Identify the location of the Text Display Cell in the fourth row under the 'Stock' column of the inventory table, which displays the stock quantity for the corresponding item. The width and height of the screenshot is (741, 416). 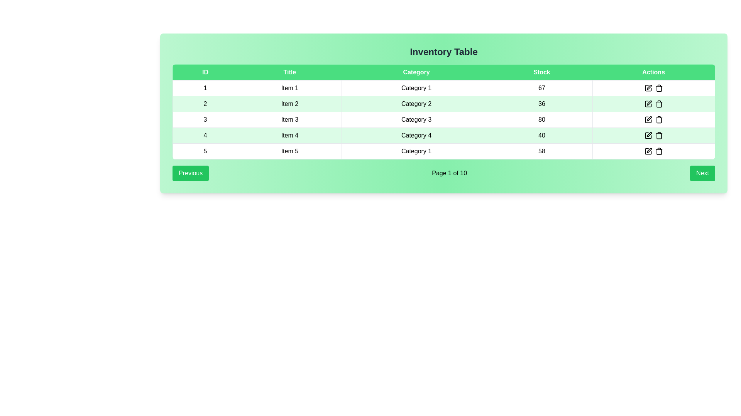
(541, 135).